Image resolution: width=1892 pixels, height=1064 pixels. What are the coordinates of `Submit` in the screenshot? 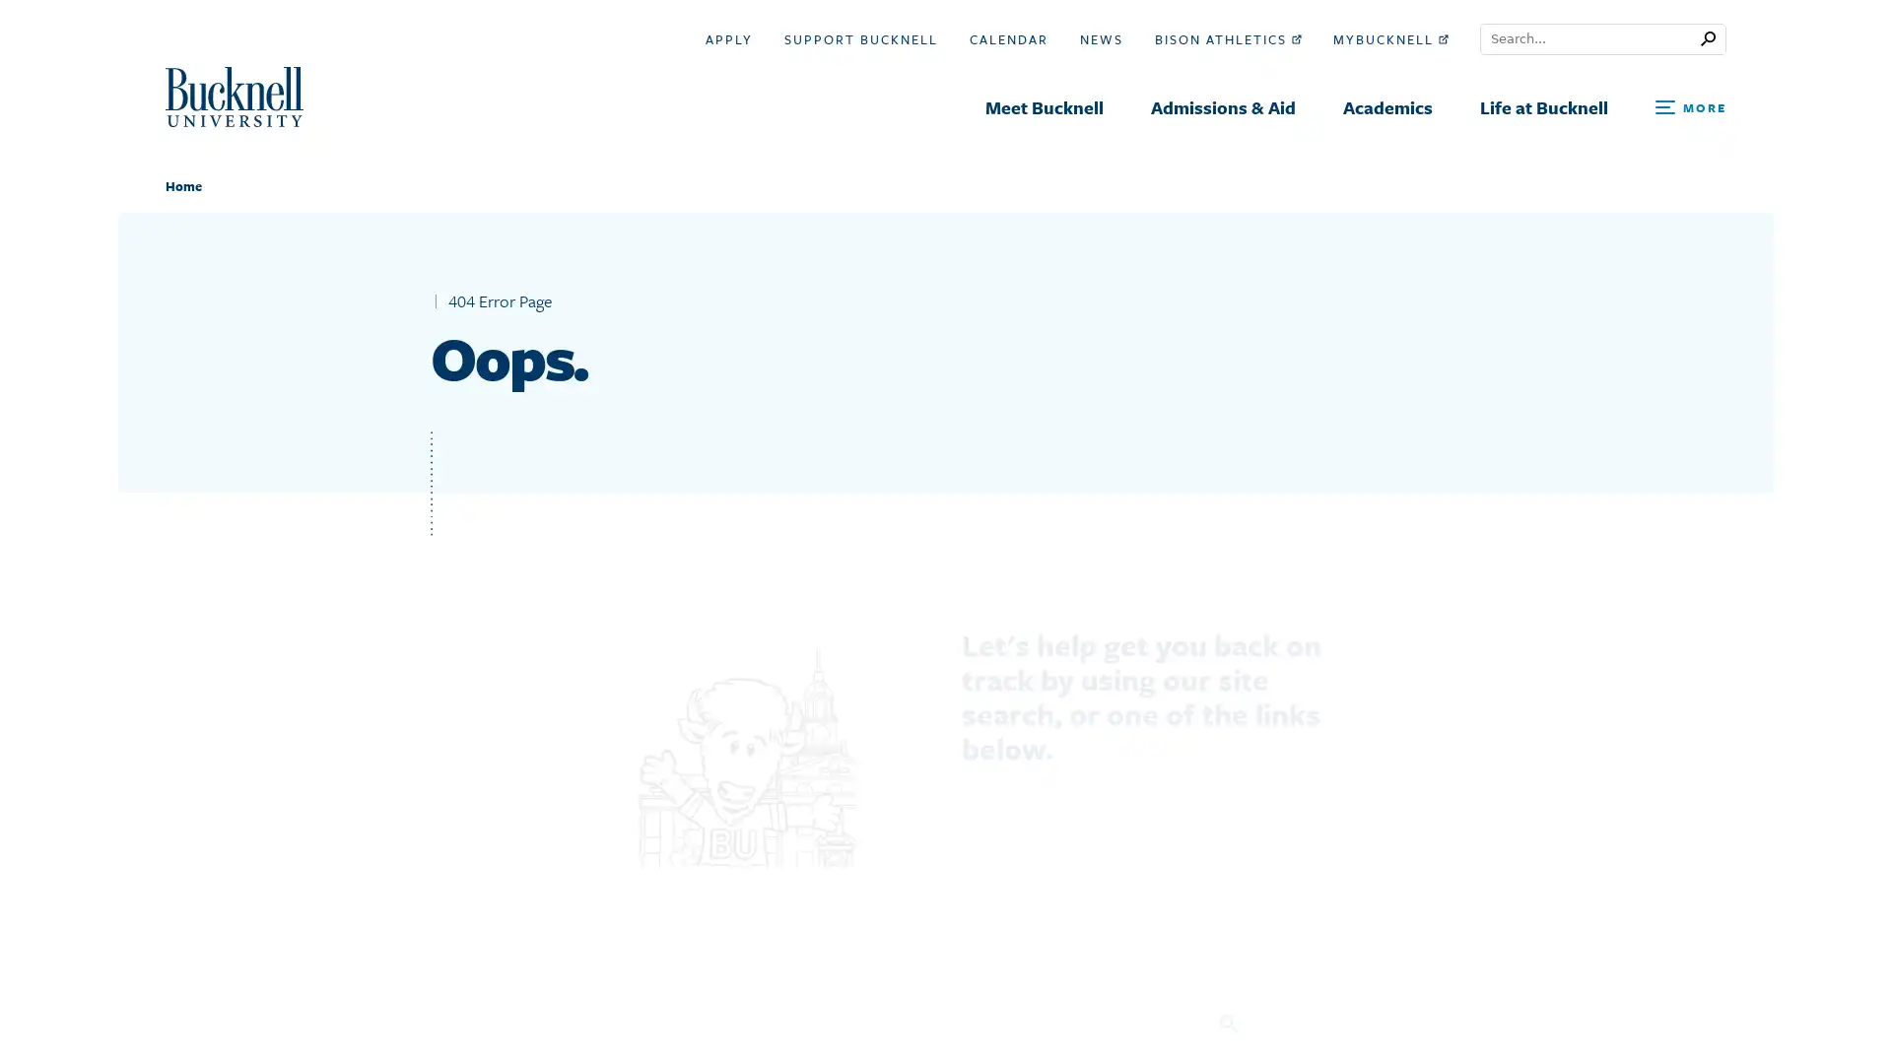 It's located at (1712, 38).